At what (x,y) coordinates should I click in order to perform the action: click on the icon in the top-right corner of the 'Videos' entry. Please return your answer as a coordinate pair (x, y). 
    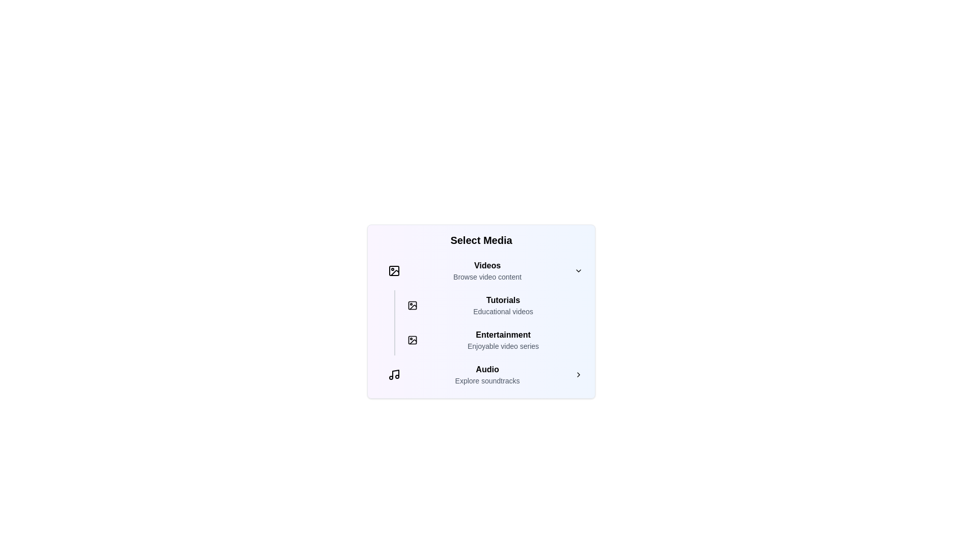
    Looking at the image, I should click on (579, 270).